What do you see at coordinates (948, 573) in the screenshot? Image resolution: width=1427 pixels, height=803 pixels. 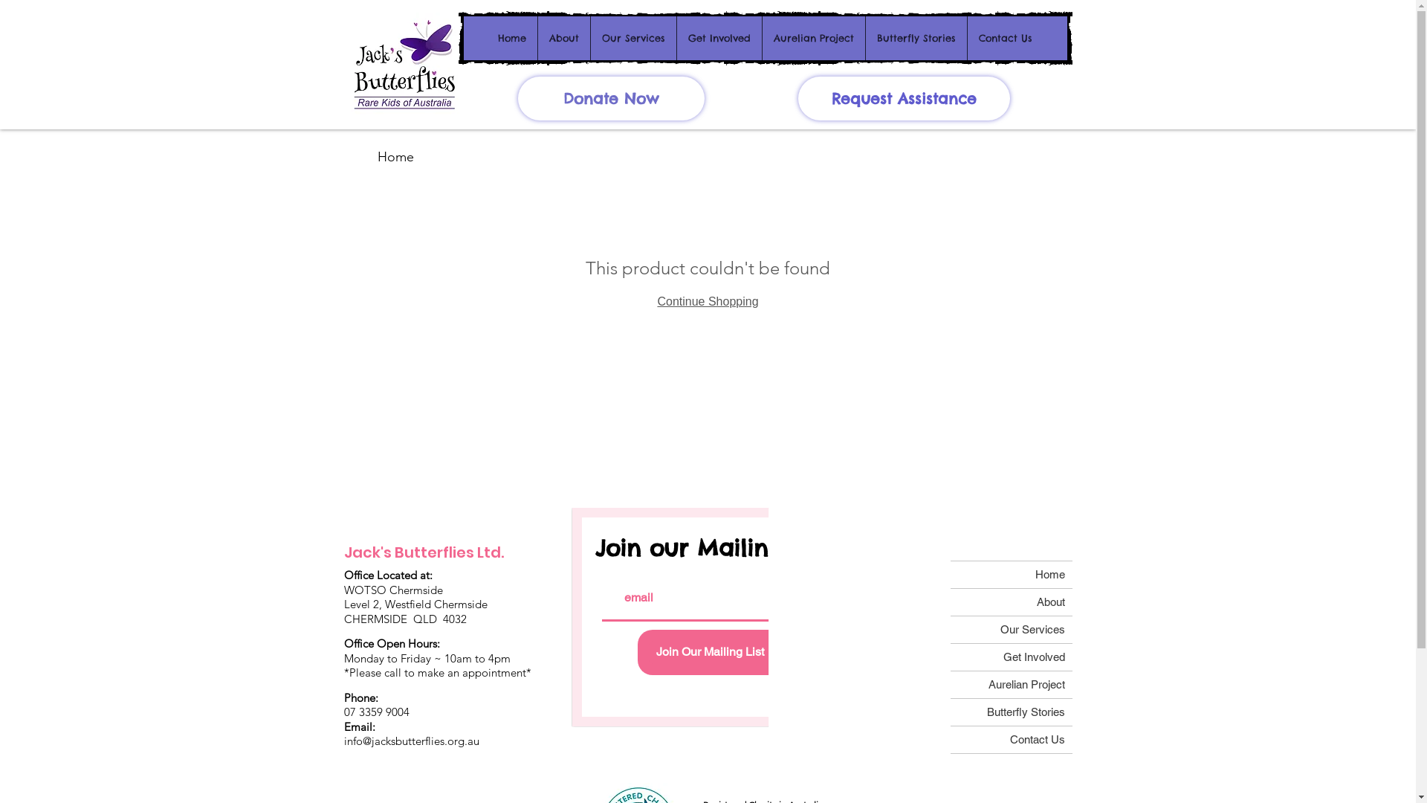 I see `'Home'` at bounding box center [948, 573].